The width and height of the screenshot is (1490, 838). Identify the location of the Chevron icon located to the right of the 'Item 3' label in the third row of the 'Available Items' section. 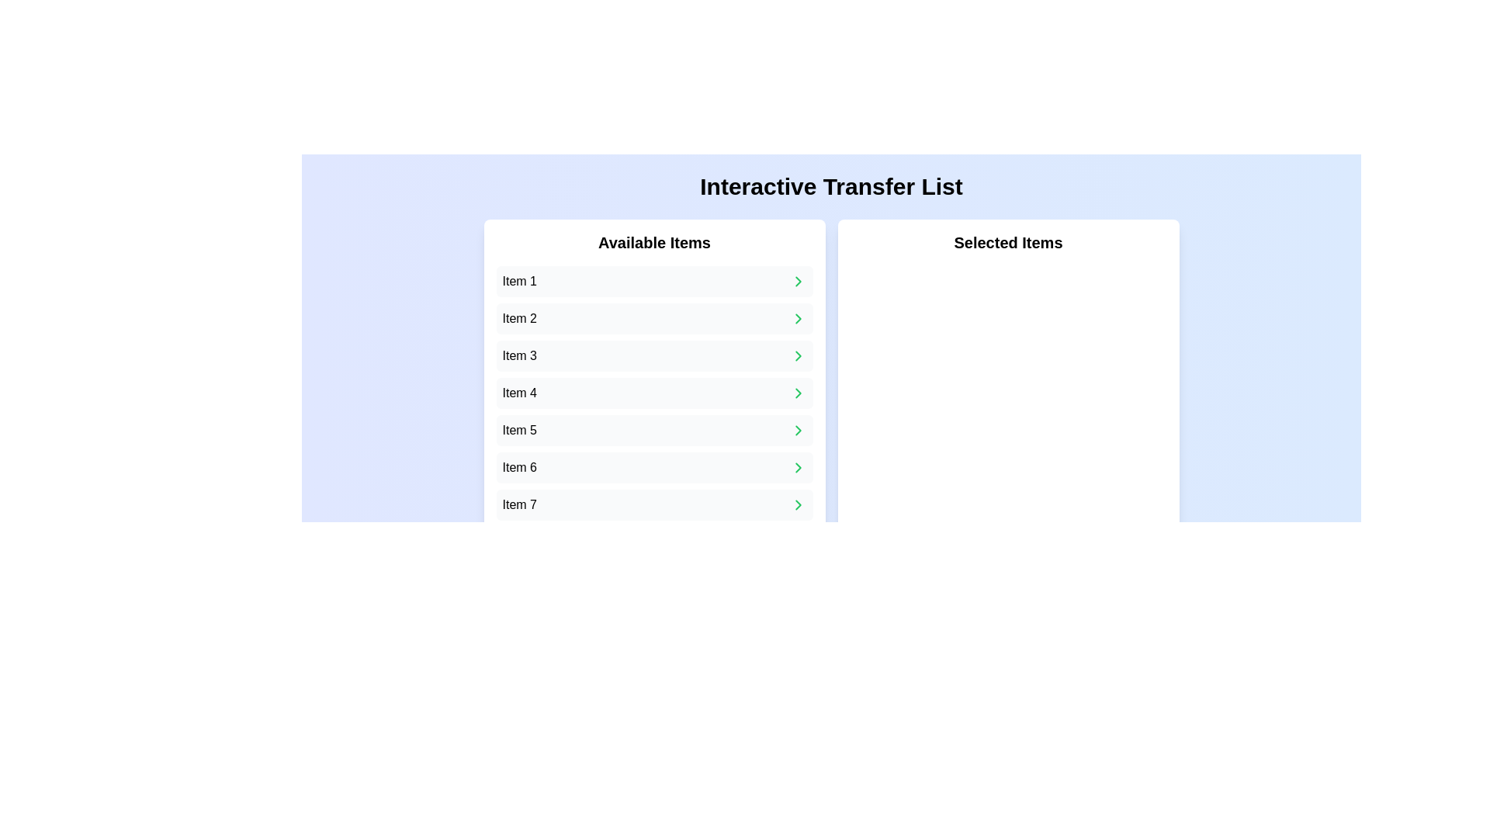
(798, 356).